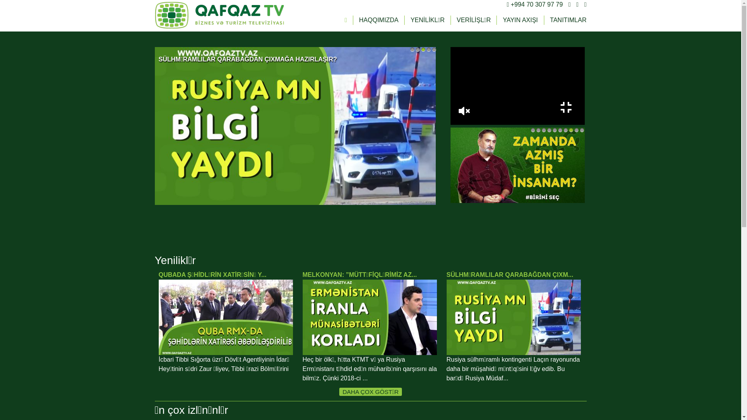 The image size is (747, 420). I want to click on '9', so click(577, 129).